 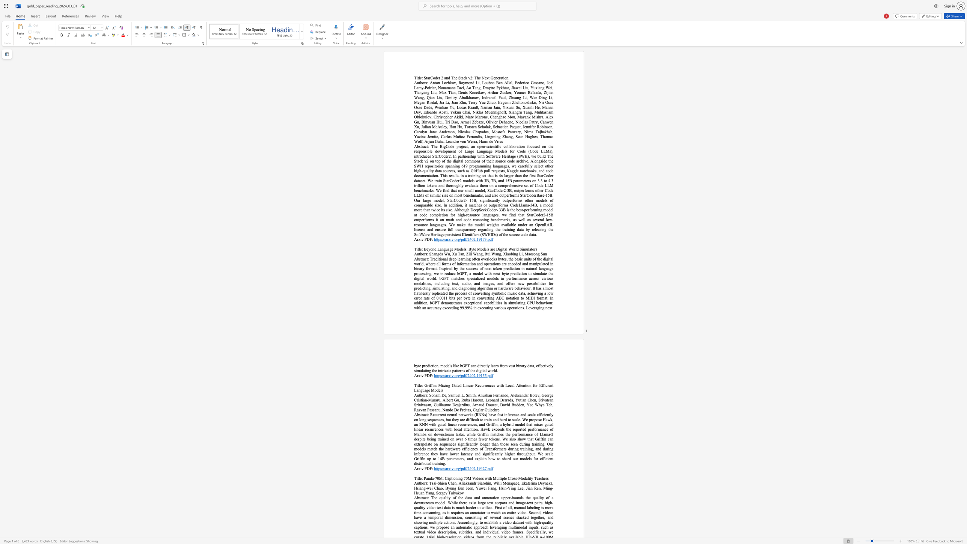 What do you see at coordinates (414, 293) in the screenshot?
I see `the subset text "flawless" within the text "Traditional deep learning often overlooks bytes, the basic units of the digital world, where all forms of information and operations are encoded and manipulated in binary format. Inspired by the success of next token prediction in natural language processing, we introduce bGPT, a model with next byte prediction to simulate the digital world. bGPT matches specialized models in performance across various modalities, including text, audio, and images, and offers new possibilities for predicting, simulating, and diagnosing algorithm or hardware behaviour. It has almost flawlessly"` at bounding box center [414, 293].